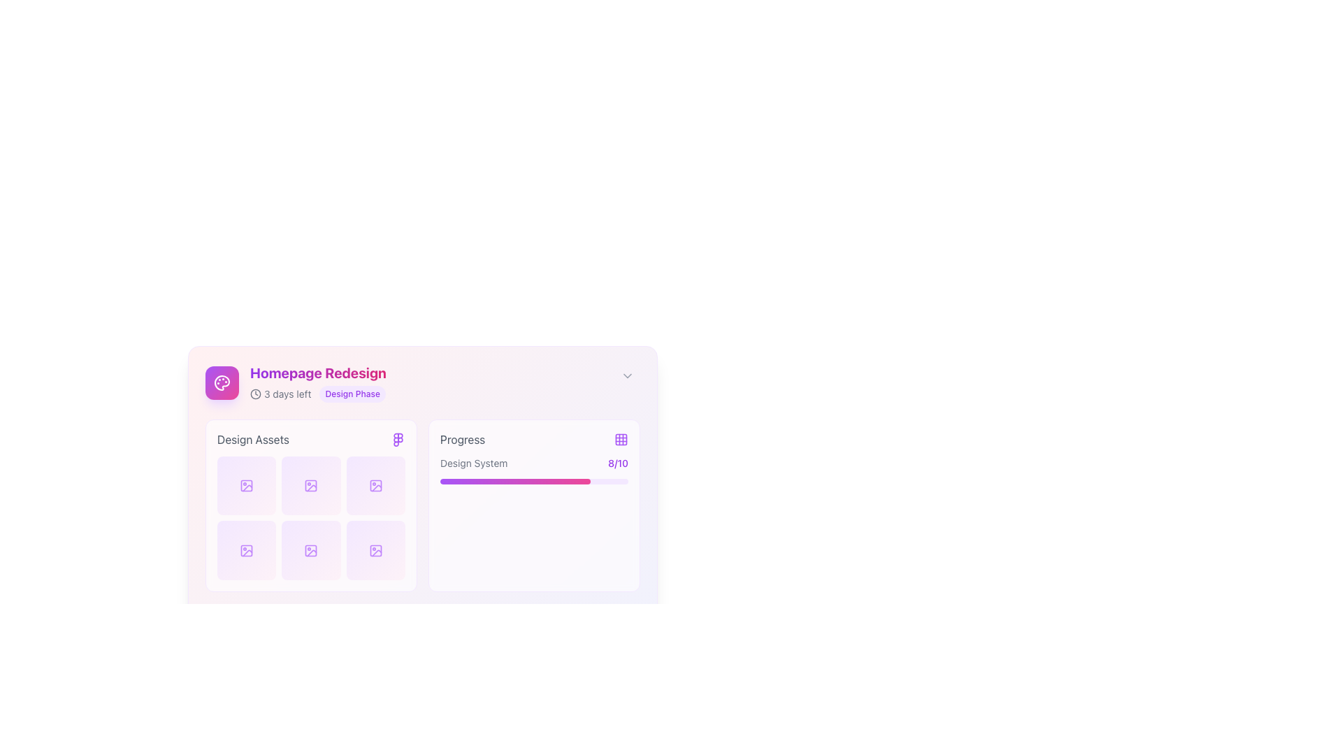 This screenshot has width=1342, height=755. I want to click on the icon representing an asset or media item located, so click(375, 485).